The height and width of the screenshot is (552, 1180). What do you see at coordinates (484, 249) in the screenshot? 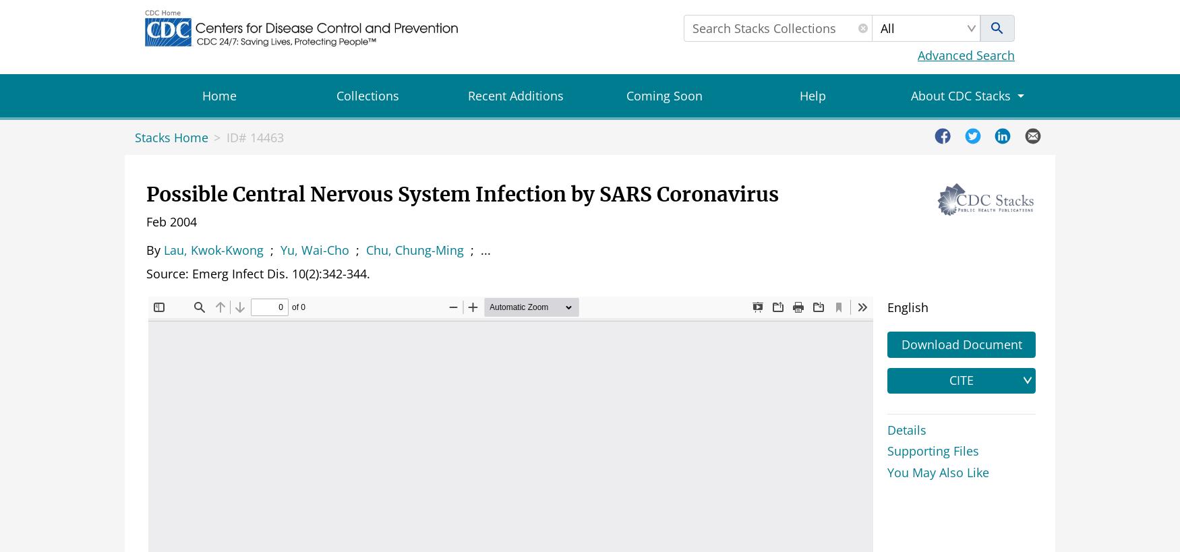
I see `'...'` at bounding box center [484, 249].